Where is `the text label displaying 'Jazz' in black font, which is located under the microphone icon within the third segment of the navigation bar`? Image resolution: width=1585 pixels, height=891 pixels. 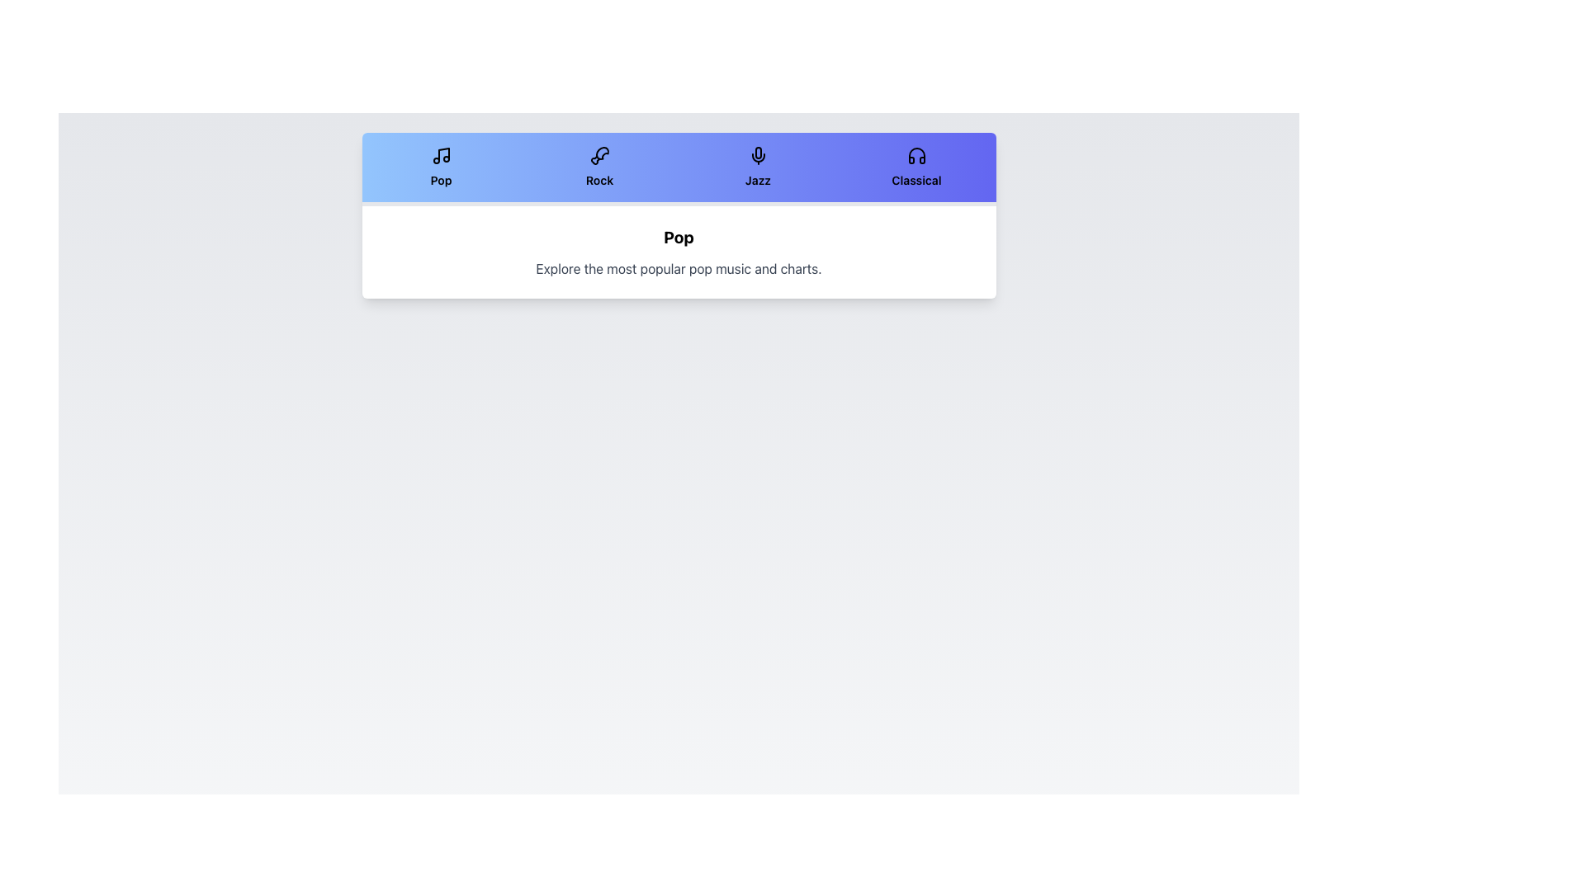 the text label displaying 'Jazz' in black font, which is located under the microphone icon within the third segment of the navigation bar is located at coordinates (757, 181).